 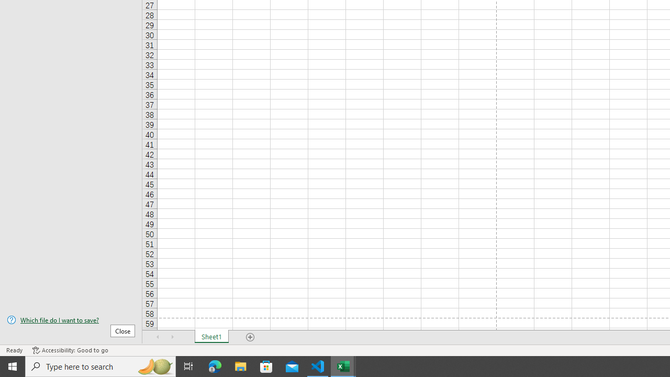 I want to click on 'Sheet1', so click(x=211, y=337).